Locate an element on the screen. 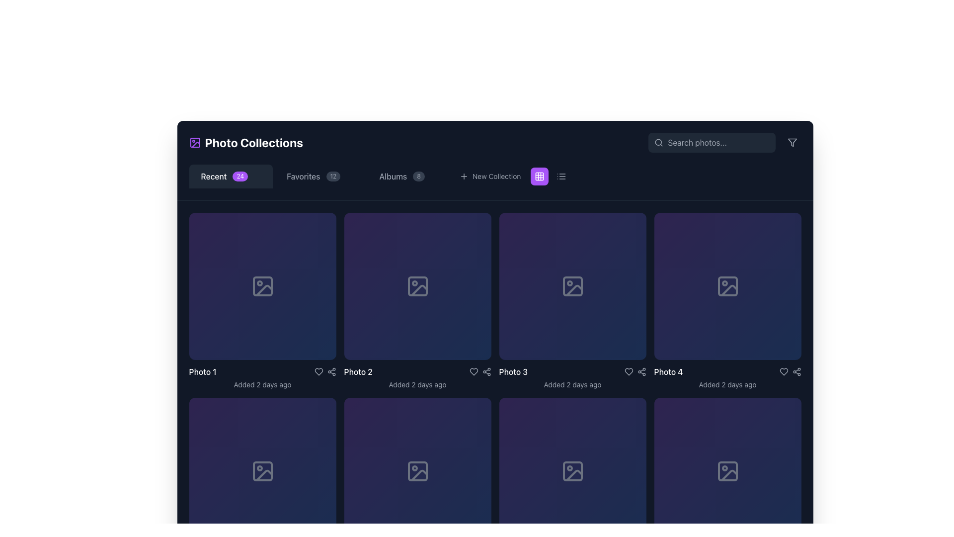 This screenshot has width=954, height=537. the text label displaying 'Photo 2Added 2 days ago', which is located in the bottom part of the central tile in the second row of the photo gallery grid is located at coordinates (417, 377).